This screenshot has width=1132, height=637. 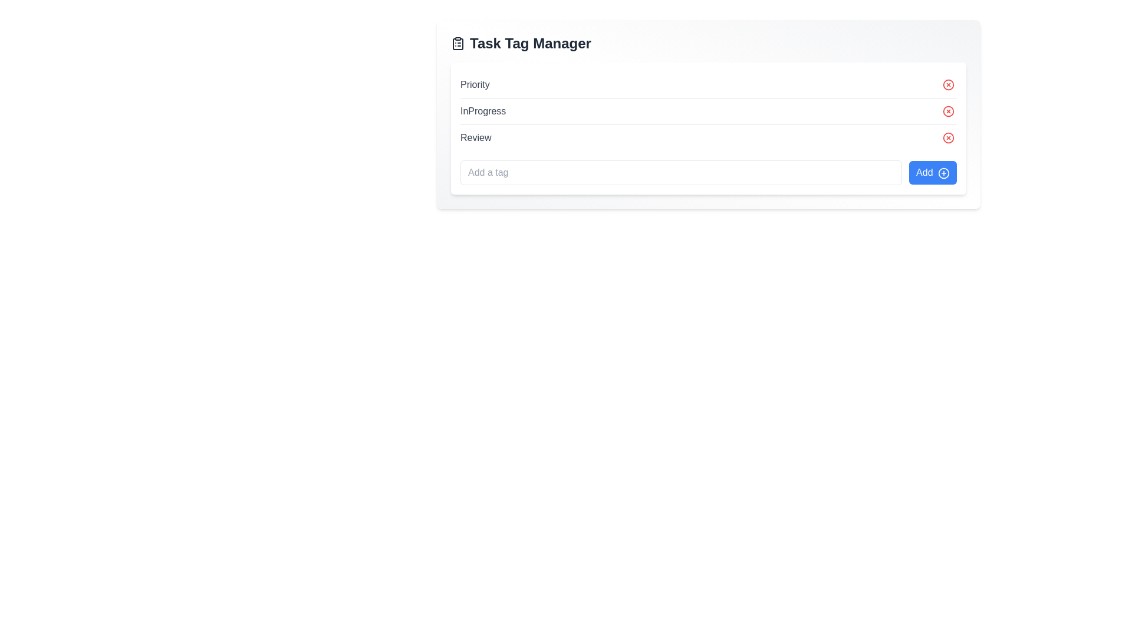 What do you see at coordinates (458, 42) in the screenshot?
I see `the 'Task Tag Manager' icon located to the left of the text within the header of the interface, which serves as a recognizable identifier for the module` at bounding box center [458, 42].